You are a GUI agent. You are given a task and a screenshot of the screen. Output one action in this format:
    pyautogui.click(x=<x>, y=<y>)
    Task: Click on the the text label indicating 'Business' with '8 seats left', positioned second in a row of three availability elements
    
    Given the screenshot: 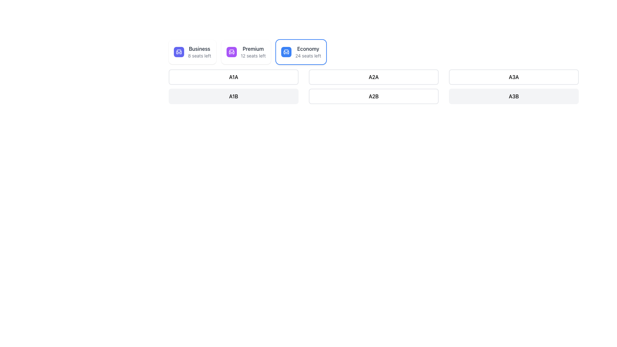 What is the action you would take?
    pyautogui.click(x=199, y=52)
    